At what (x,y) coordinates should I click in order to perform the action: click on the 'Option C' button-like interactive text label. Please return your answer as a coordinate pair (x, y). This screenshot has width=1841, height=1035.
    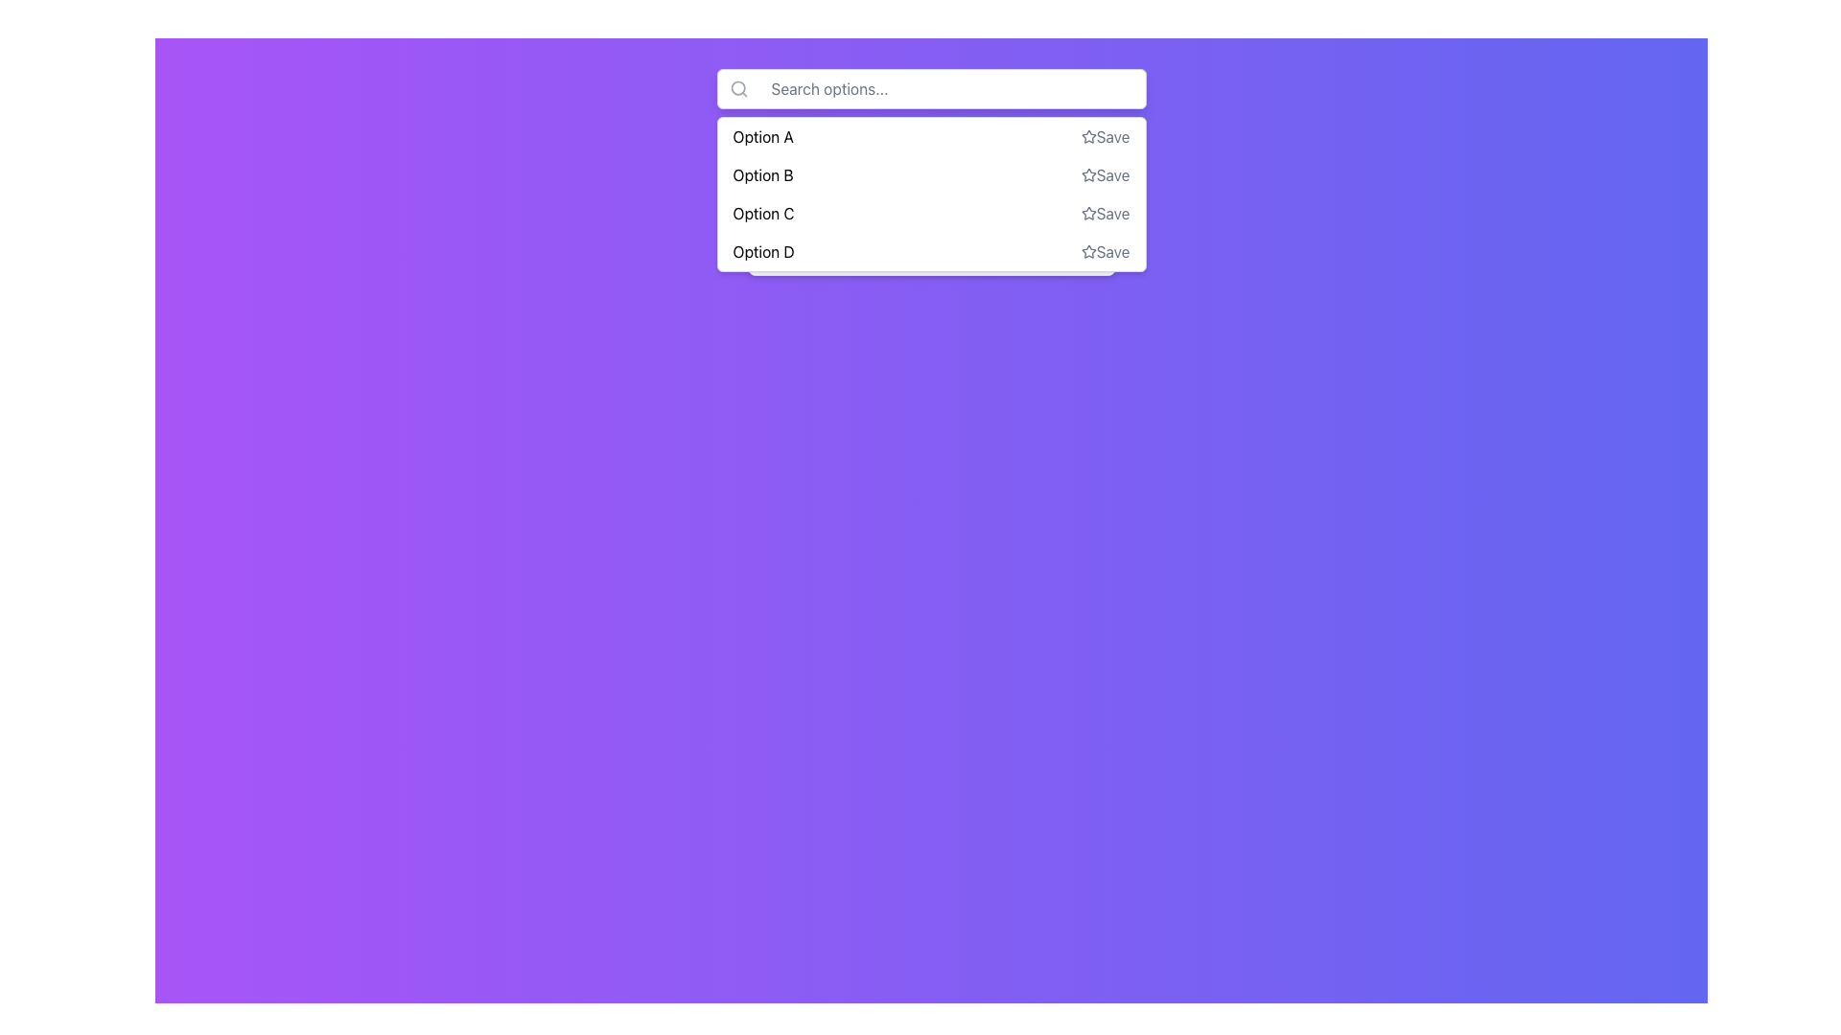
    Looking at the image, I should click on (1105, 214).